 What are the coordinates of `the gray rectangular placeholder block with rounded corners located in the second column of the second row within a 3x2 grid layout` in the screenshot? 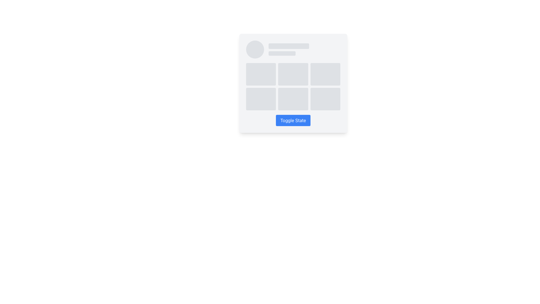 It's located at (293, 99).